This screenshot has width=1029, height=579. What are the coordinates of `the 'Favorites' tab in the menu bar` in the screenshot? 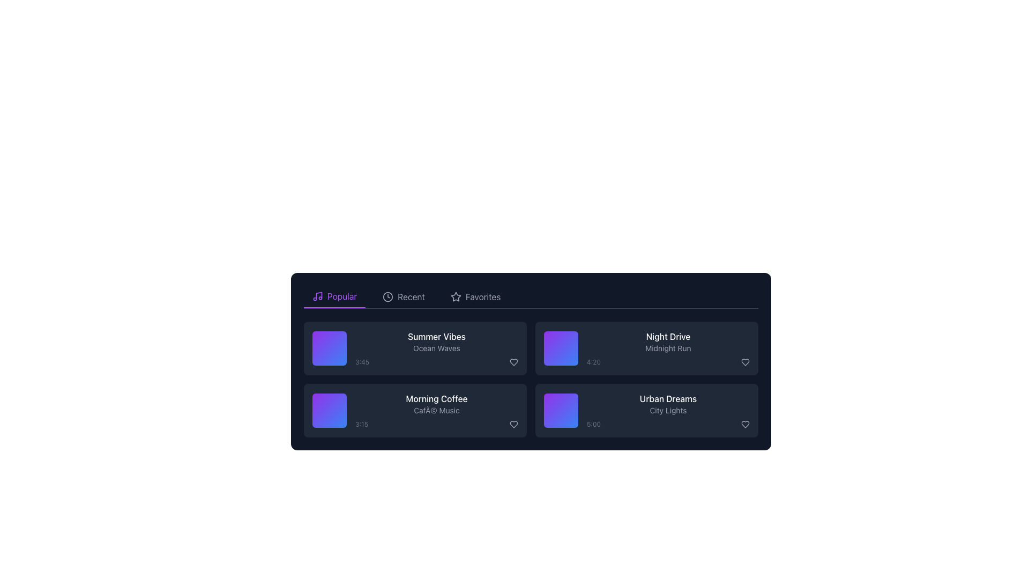 It's located at (475, 297).